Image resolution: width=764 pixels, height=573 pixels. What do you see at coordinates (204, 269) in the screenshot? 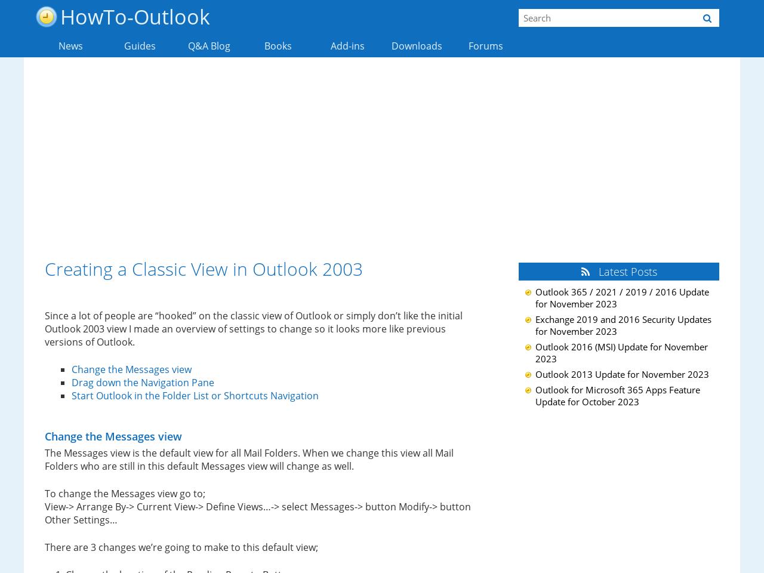
I see `'Creating a Classic View in Outlook 2003'` at bounding box center [204, 269].